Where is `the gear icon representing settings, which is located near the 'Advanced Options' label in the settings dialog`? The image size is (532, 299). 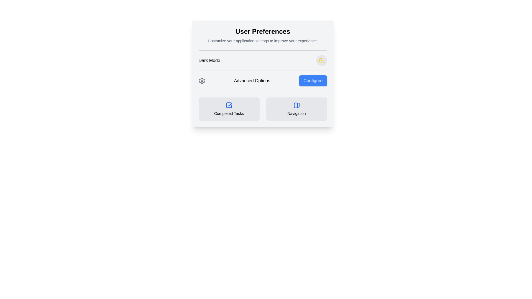
the gear icon representing settings, which is located near the 'Advanced Options' label in the settings dialog is located at coordinates (201, 81).